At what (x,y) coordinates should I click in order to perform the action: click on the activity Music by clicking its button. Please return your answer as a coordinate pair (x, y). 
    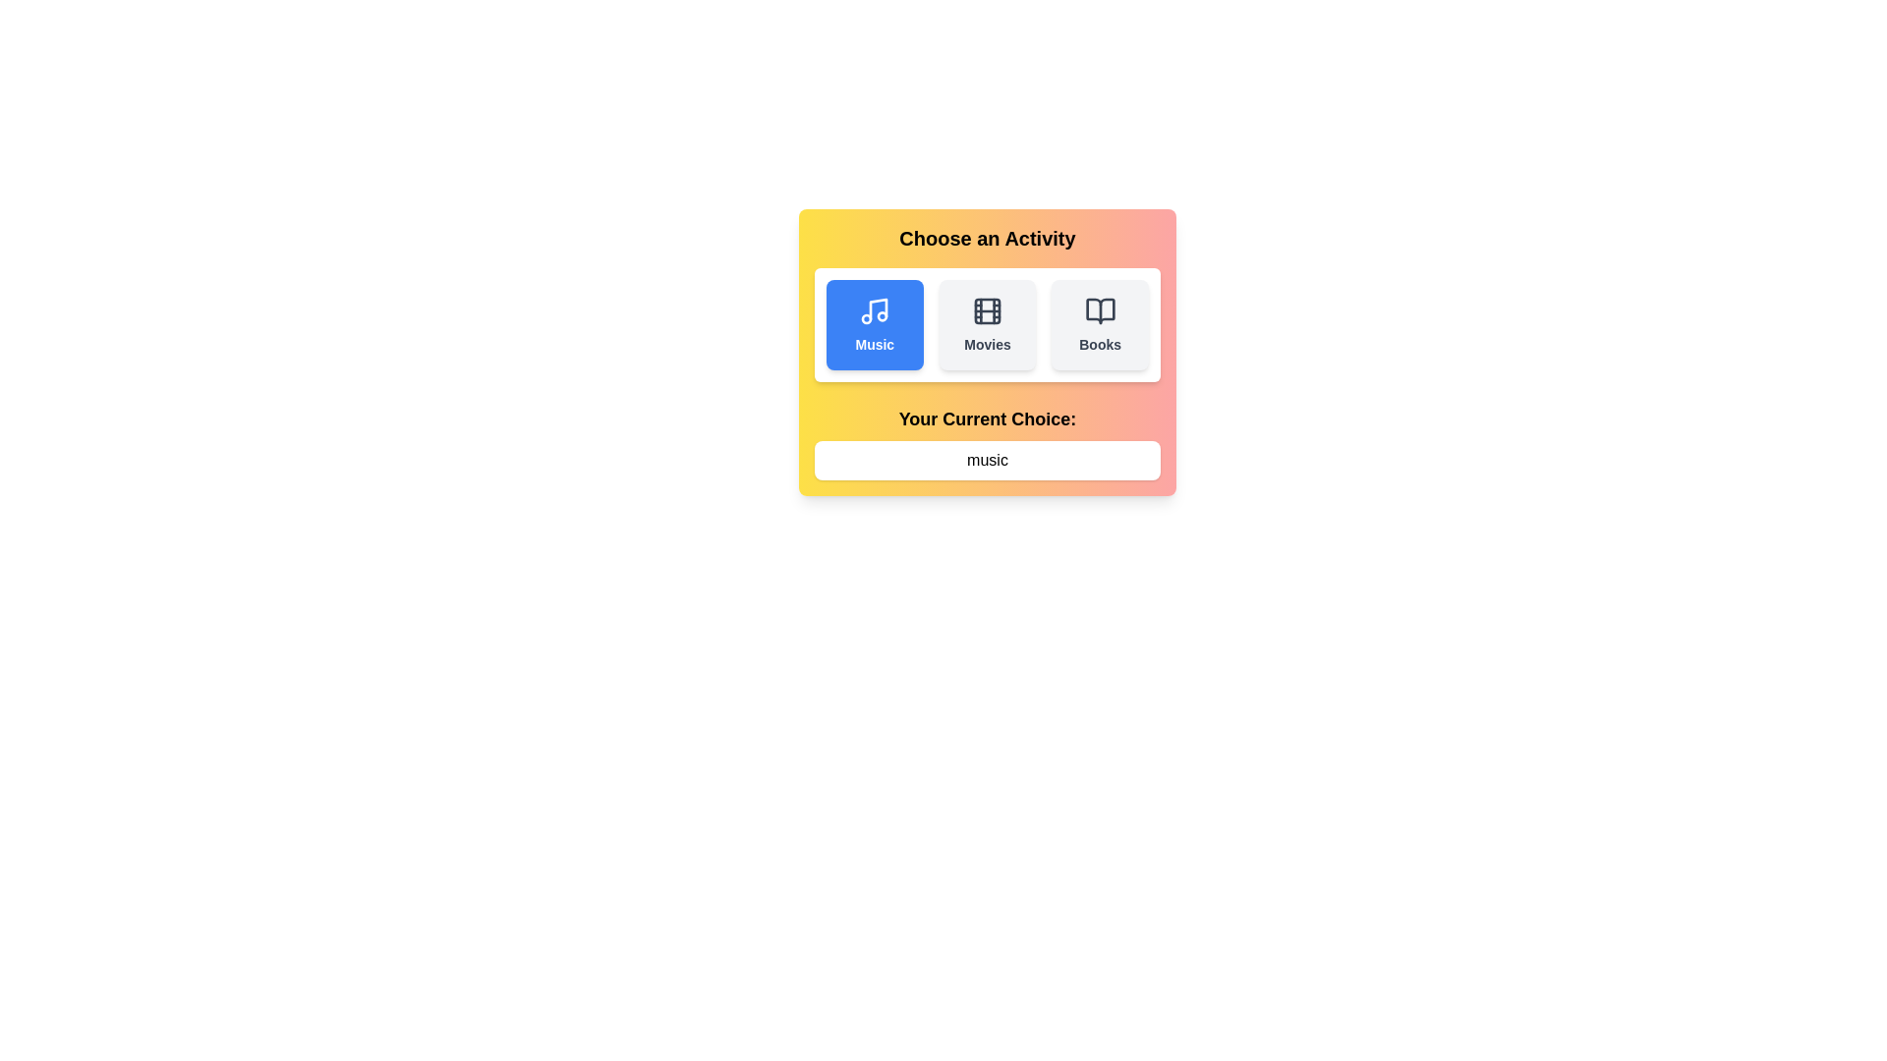
    Looking at the image, I should click on (873, 324).